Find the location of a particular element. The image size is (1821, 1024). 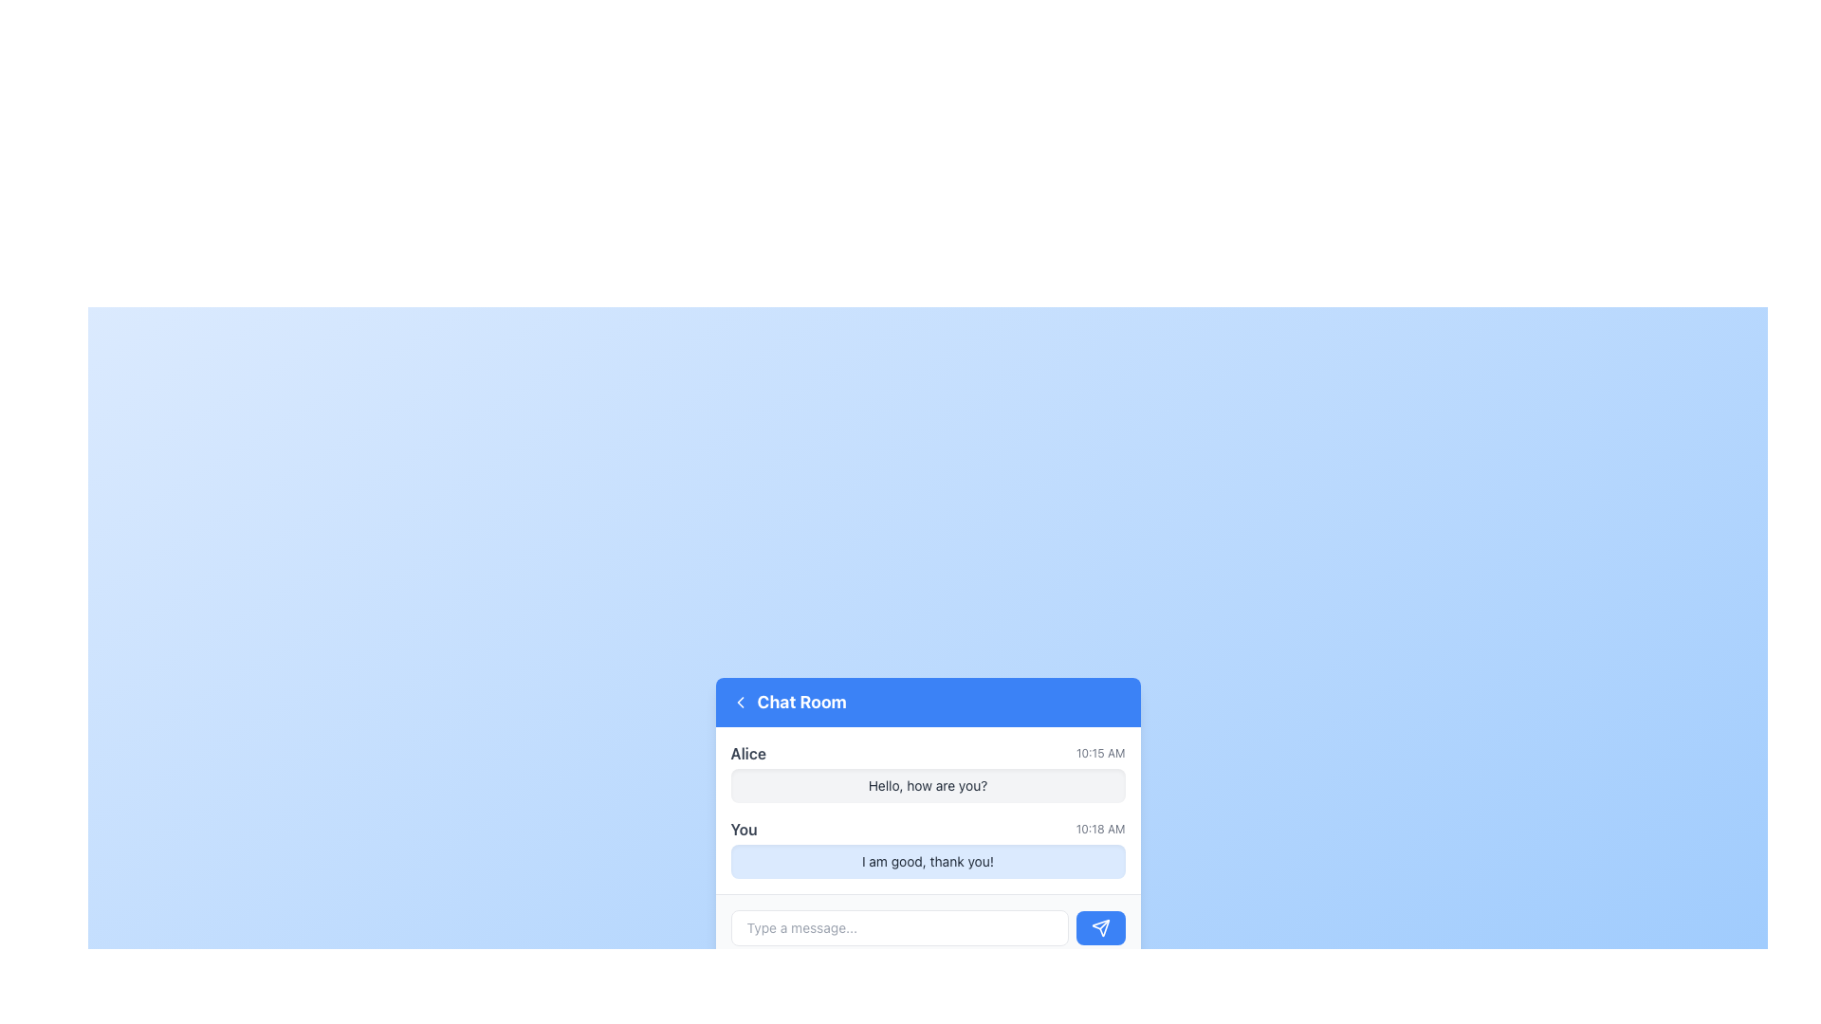

the static text label that serves as the title for the chat application, located in the header bar to the right of the back arrow icon is located at coordinates (801, 702).